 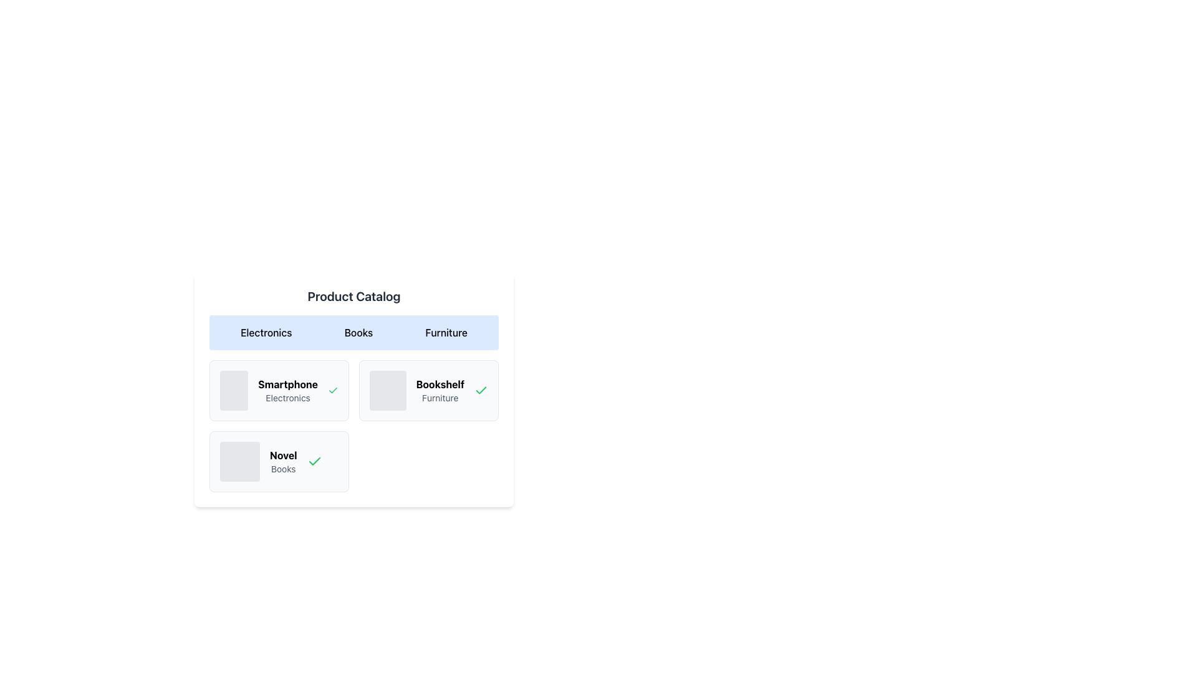 I want to click on the bolded text label 'Novel' in the second card of the 'Books' tab, which is positioned above the 'Books' text, so click(x=282, y=456).